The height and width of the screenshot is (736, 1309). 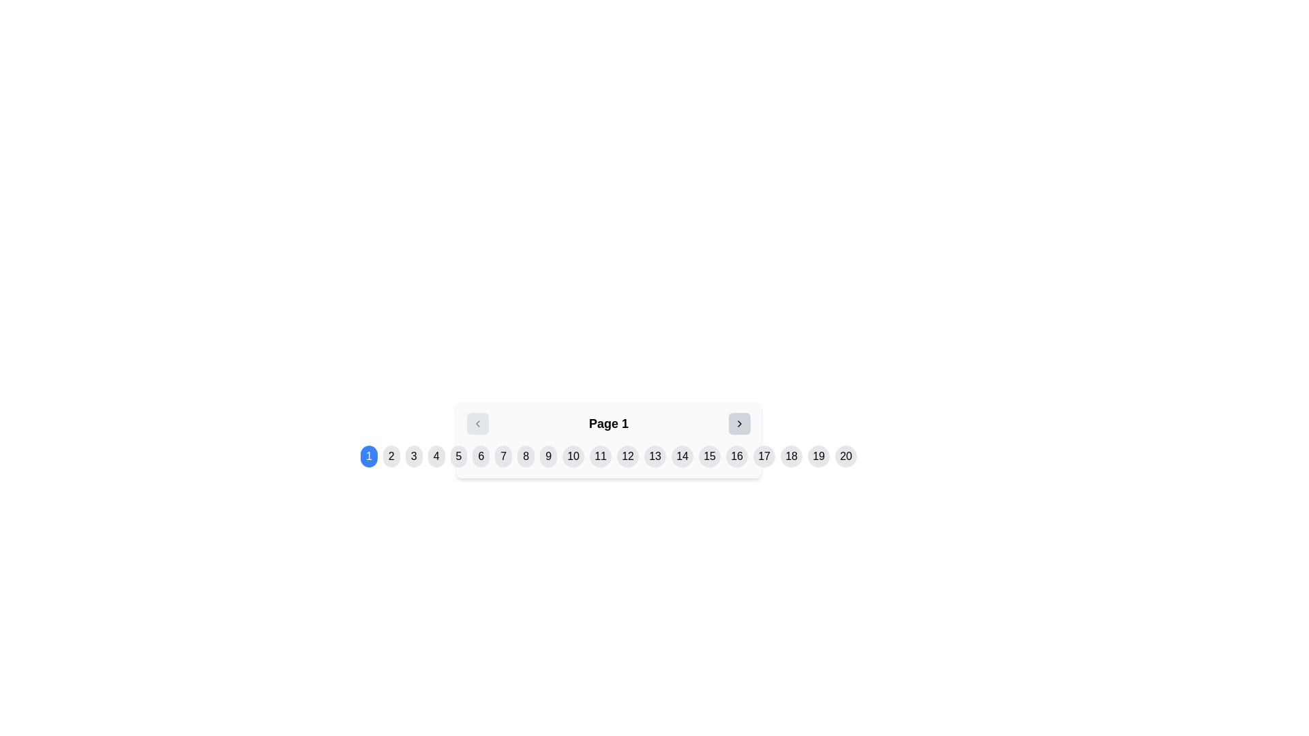 What do you see at coordinates (413, 457) in the screenshot?
I see `the circular button with a light-gray background and the number '3'` at bounding box center [413, 457].